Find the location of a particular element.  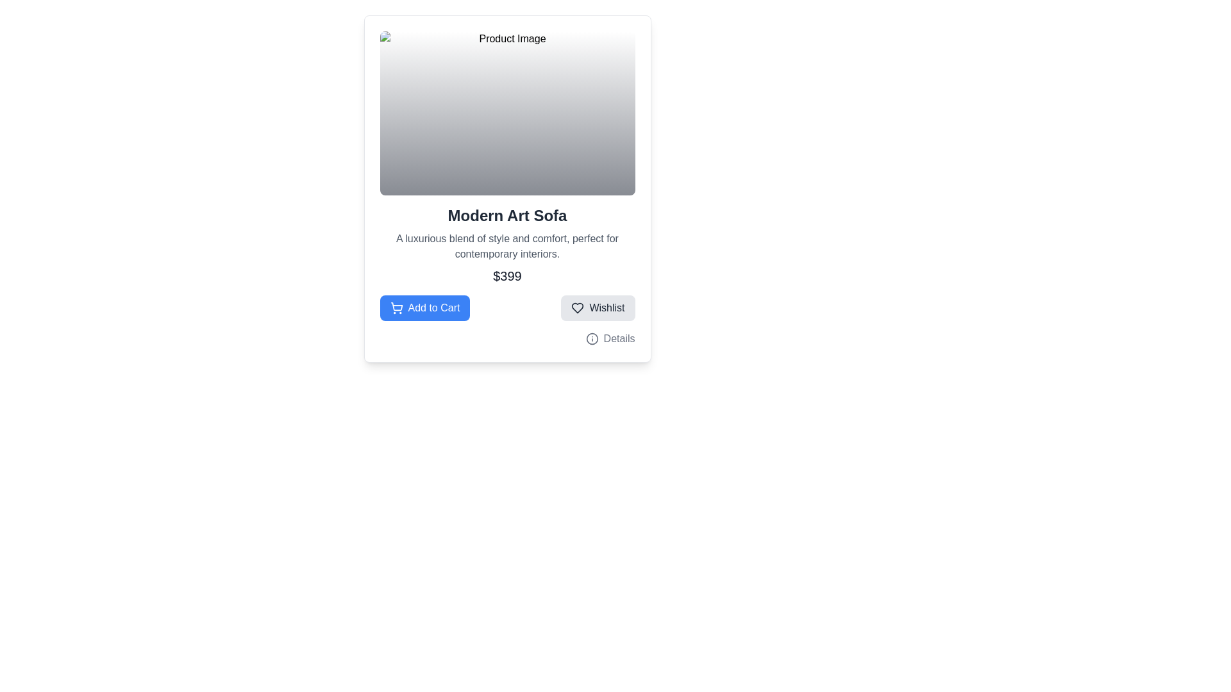

the blue rectangular button labeled 'Add to Cart' with a white shopping cart icon is located at coordinates (424, 308).